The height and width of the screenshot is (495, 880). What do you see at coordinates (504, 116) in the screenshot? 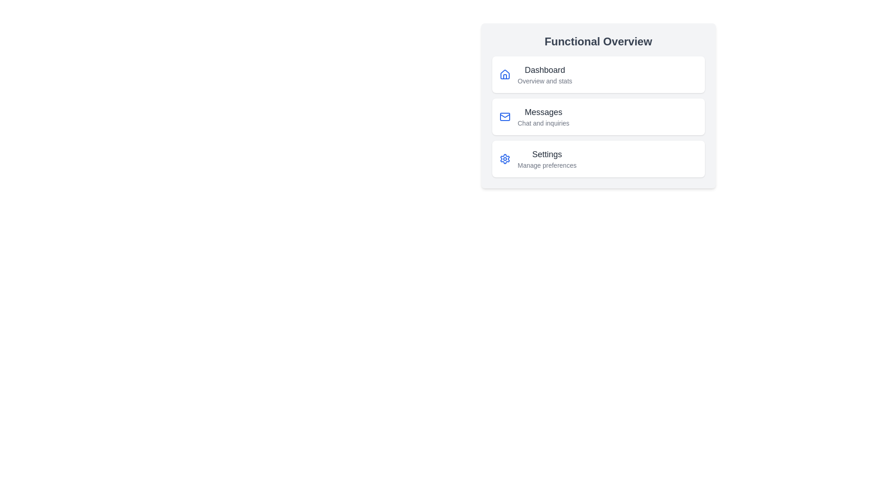
I see `the outer rectangle of the envelope icon representing the 'Messages' section in the functional overview menu` at bounding box center [504, 116].